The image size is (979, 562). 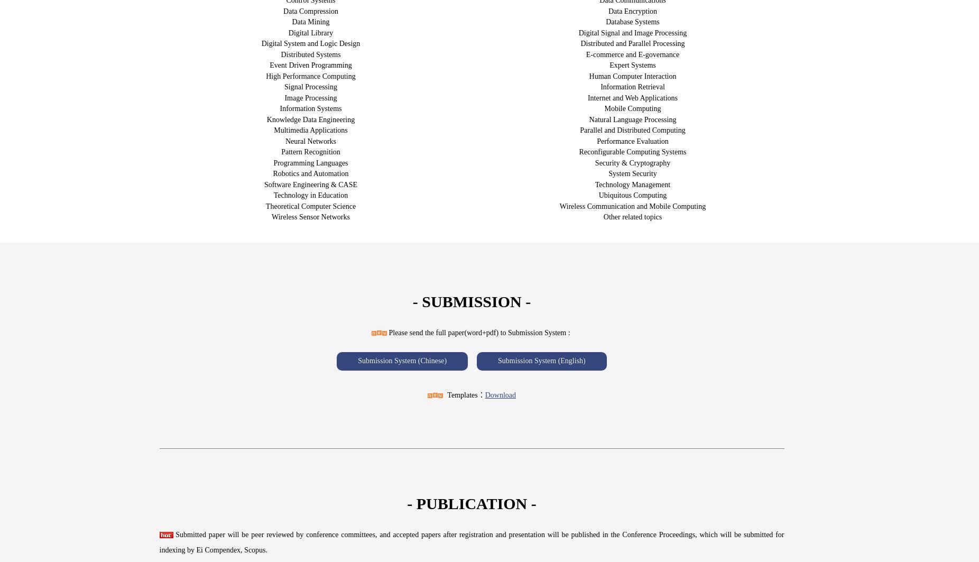 What do you see at coordinates (310, 11) in the screenshot?
I see `'Data Compression'` at bounding box center [310, 11].